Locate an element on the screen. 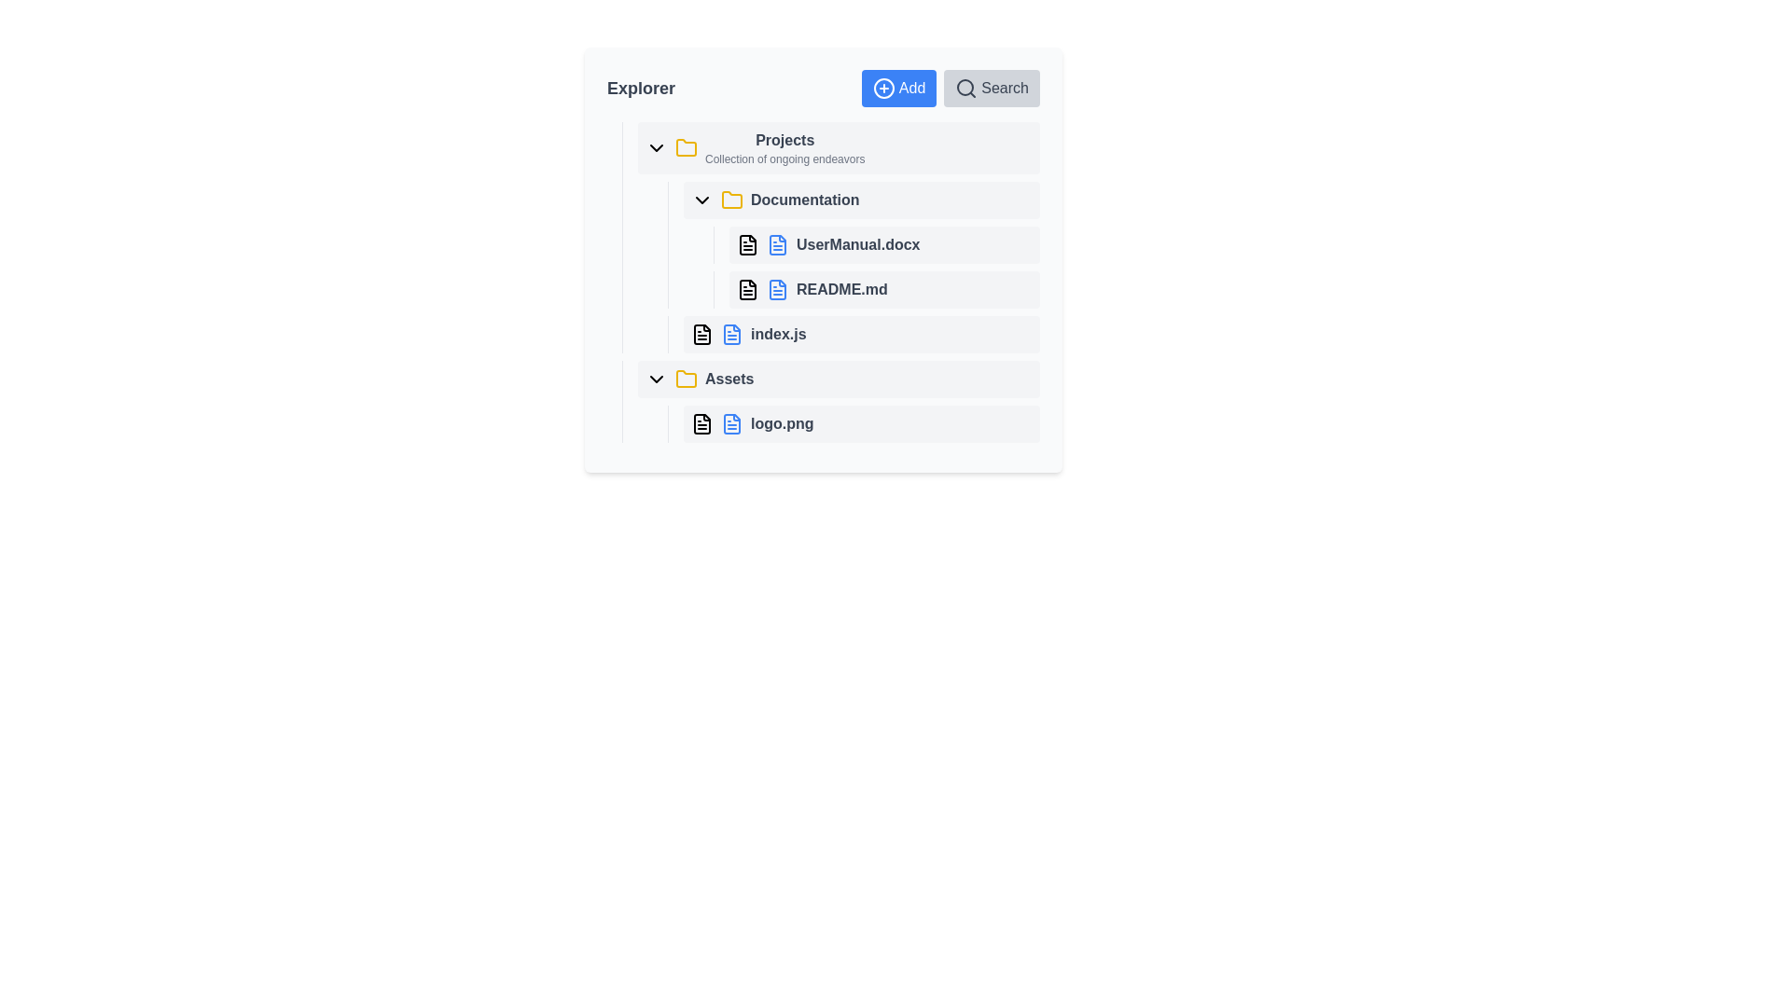  the folder icon representing the 'Assets' section in the file explorer interface is located at coordinates (685, 379).